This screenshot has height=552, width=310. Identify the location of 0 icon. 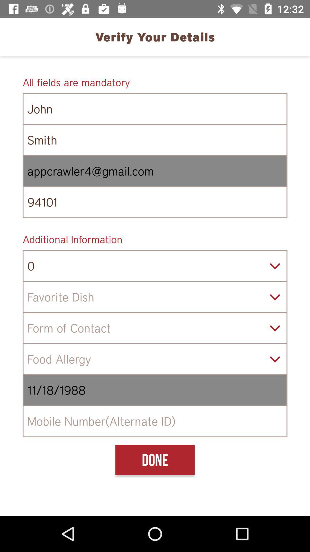
(155, 266).